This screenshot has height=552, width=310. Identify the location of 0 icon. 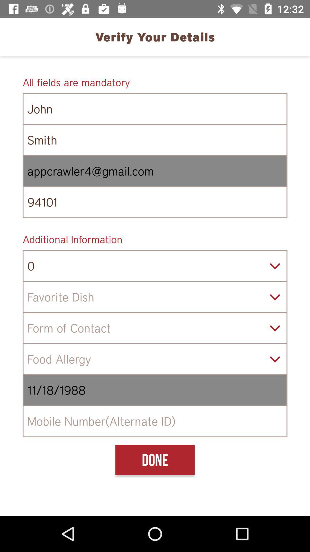
(155, 266).